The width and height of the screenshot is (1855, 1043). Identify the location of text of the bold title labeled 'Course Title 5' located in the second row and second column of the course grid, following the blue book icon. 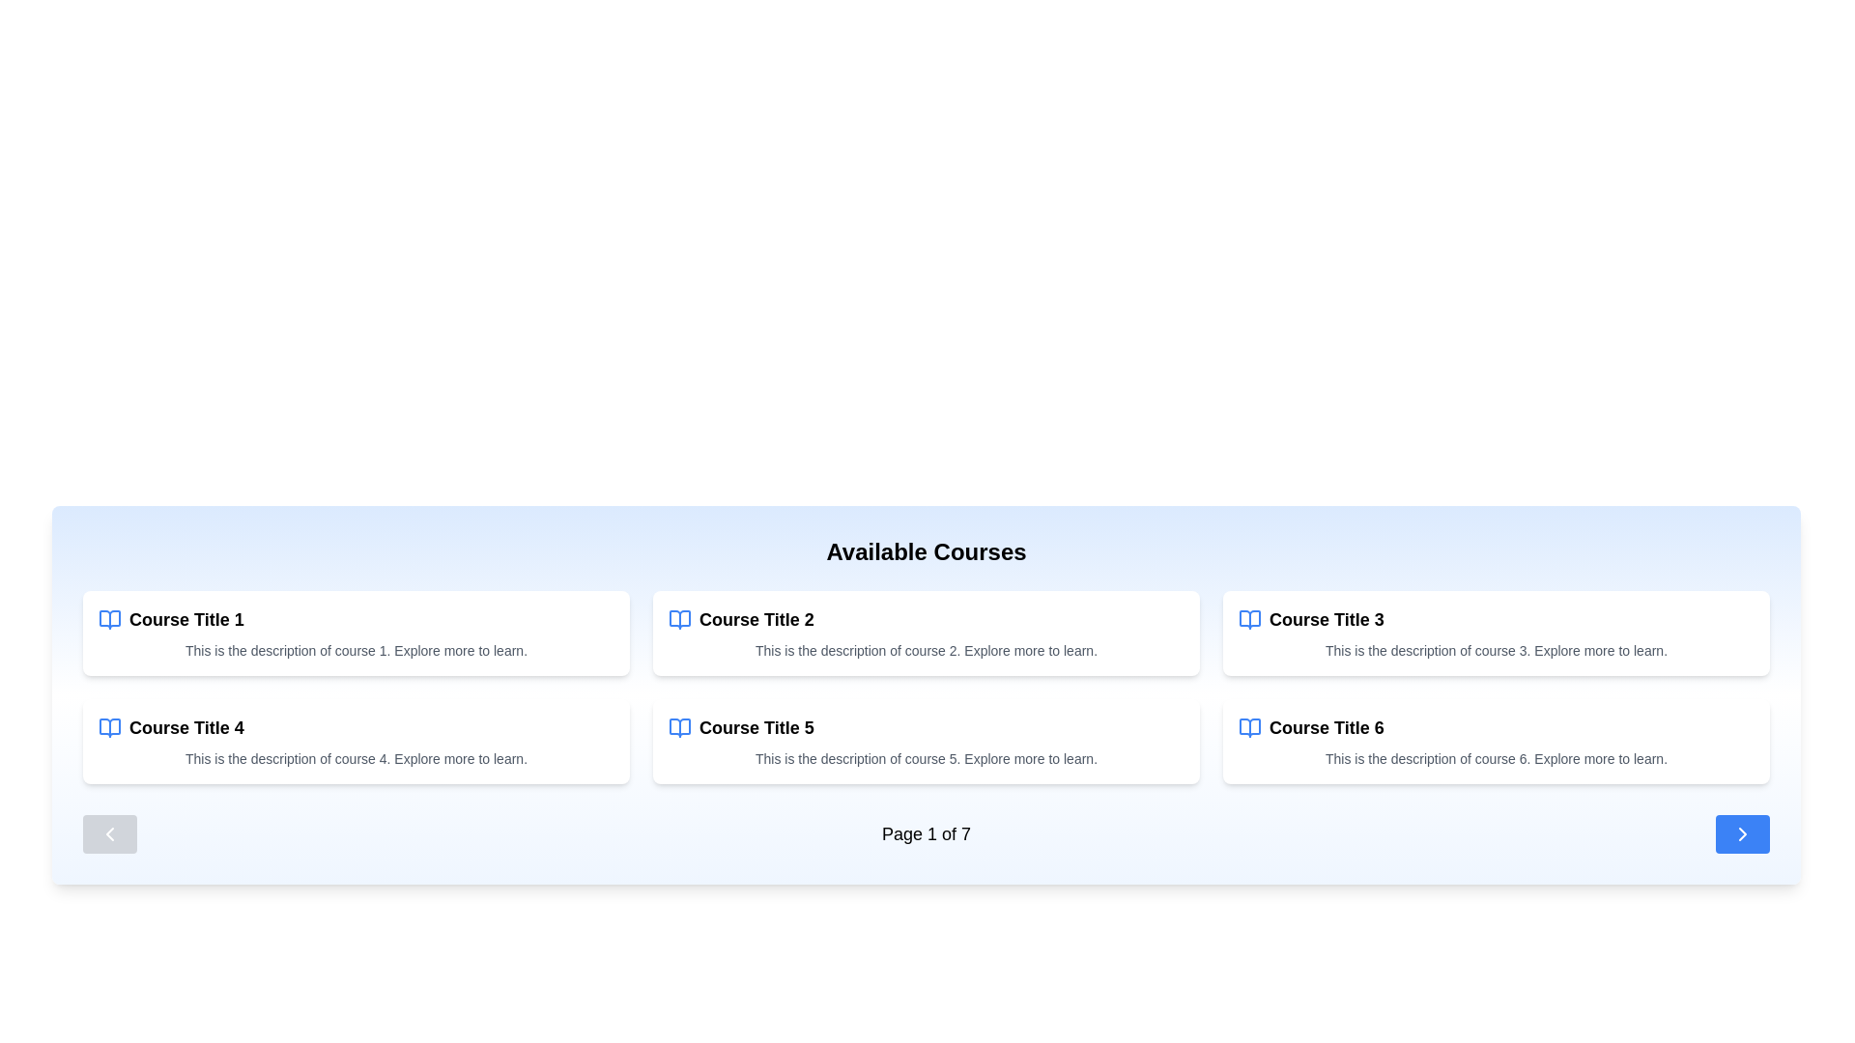
(756, 727).